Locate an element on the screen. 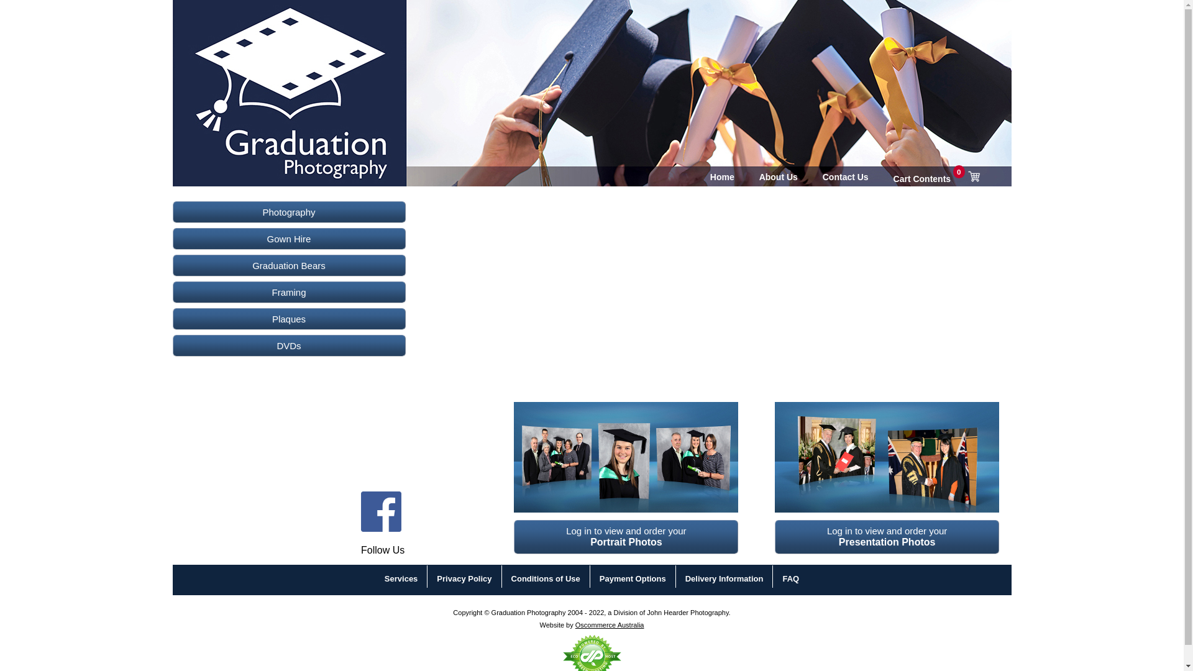 The height and width of the screenshot is (671, 1193). 'Photography' is located at coordinates (288, 211).